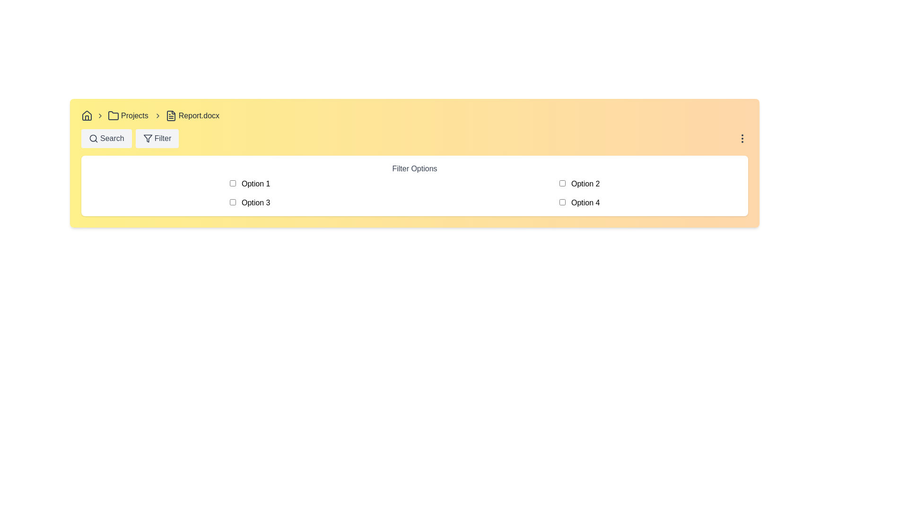 The width and height of the screenshot is (908, 511). What do you see at coordinates (562, 202) in the screenshot?
I see `the checkbox associated with the label 'Option 4'` at bounding box center [562, 202].